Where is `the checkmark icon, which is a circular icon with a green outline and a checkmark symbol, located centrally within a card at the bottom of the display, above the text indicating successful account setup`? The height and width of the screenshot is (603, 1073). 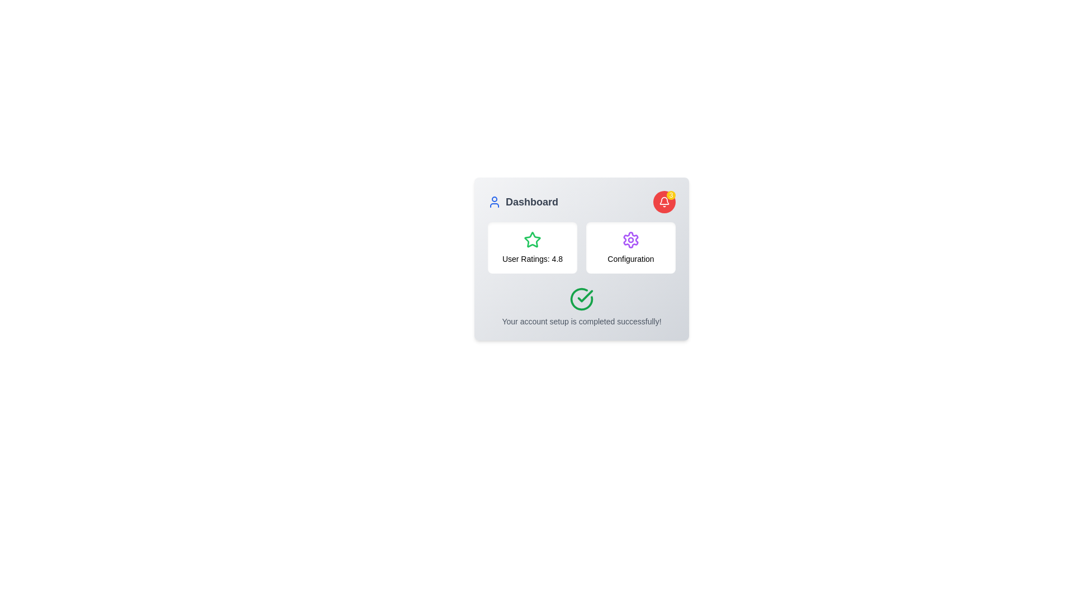
the checkmark icon, which is a circular icon with a green outline and a checkmark symbol, located centrally within a card at the bottom of the display, above the text indicating successful account setup is located at coordinates (581, 299).